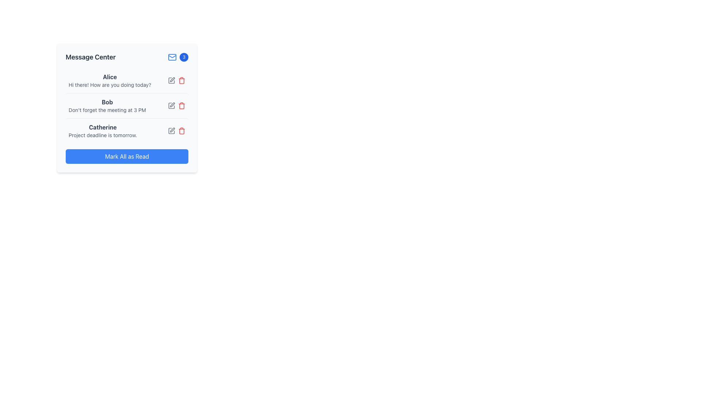 The height and width of the screenshot is (394, 701). What do you see at coordinates (172, 57) in the screenshot?
I see `the rectangular graphical component with rounded corners that represents a mail envelope, located in the top-right corner of the message center interface` at bounding box center [172, 57].